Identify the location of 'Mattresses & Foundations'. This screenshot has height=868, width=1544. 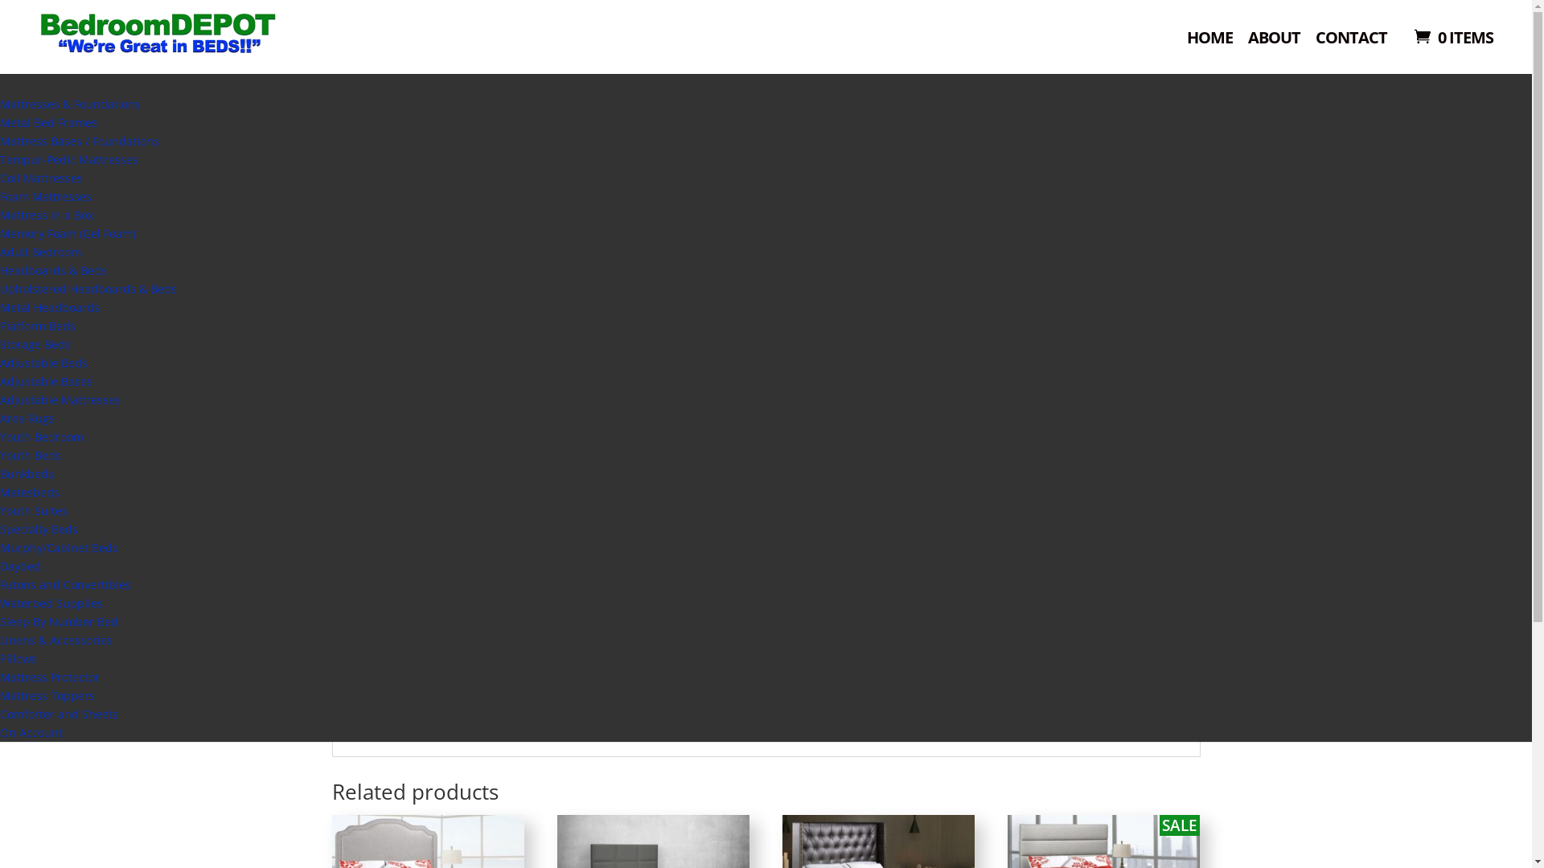
(69, 104).